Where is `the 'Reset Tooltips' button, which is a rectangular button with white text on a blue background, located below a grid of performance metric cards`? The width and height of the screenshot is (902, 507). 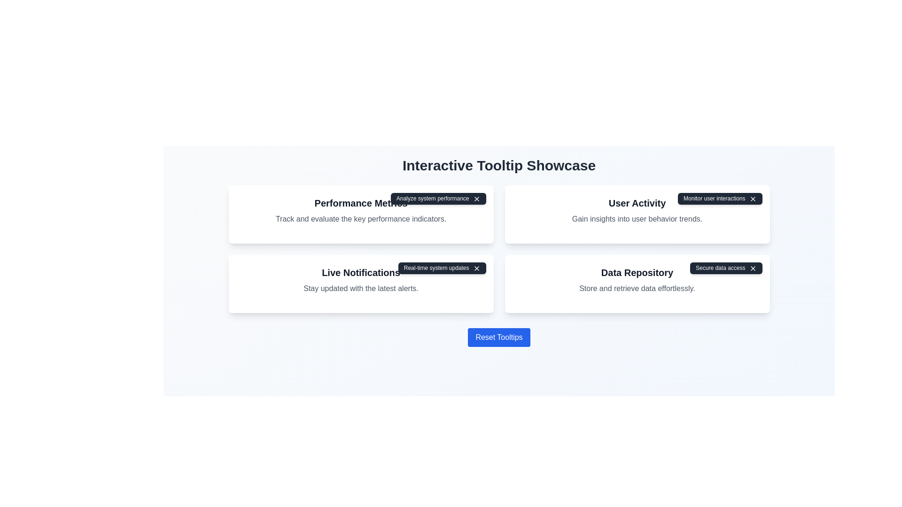 the 'Reset Tooltips' button, which is a rectangular button with white text on a blue background, located below a grid of performance metric cards is located at coordinates (498, 337).